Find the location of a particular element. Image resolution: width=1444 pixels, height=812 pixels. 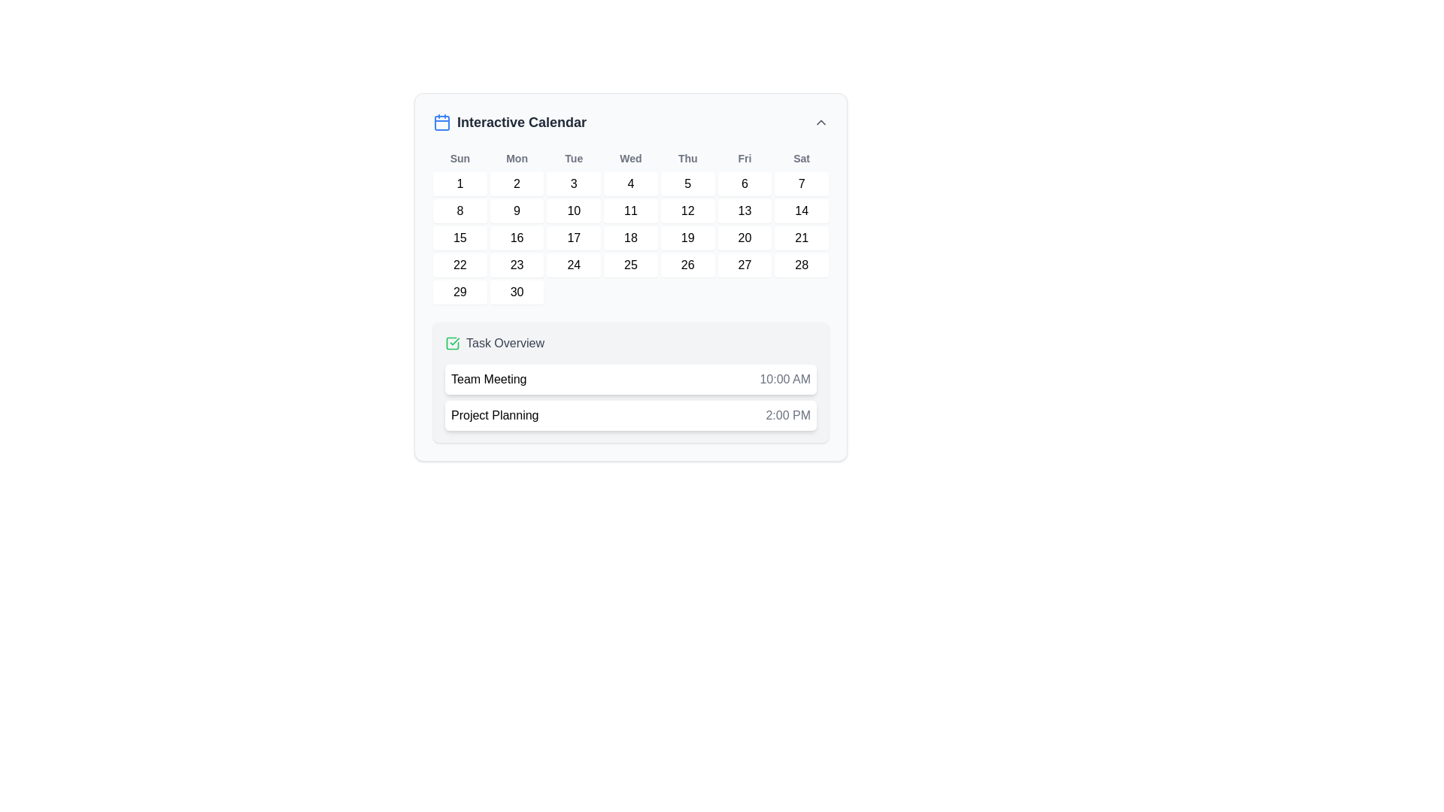

the first cell of the calendar grid labeled '1', which is a small rectangular cell with rounded corners and a white background, for extended interaction is located at coordinates (459, 183).